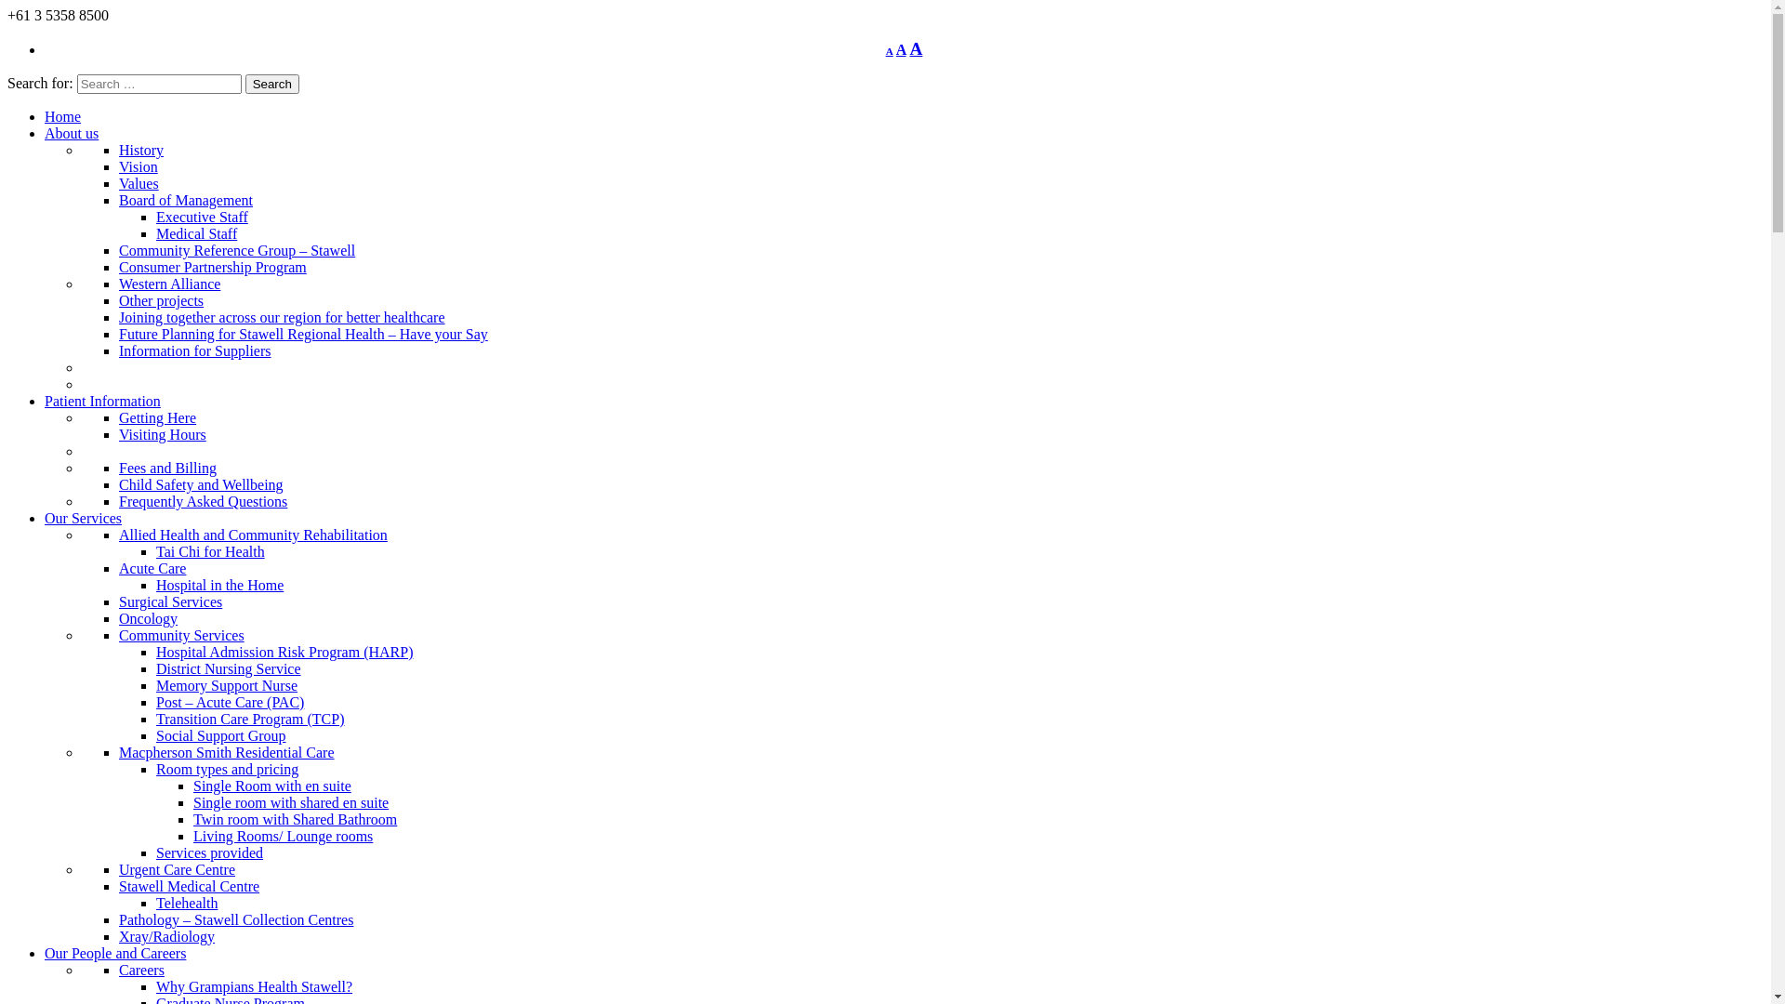 The height and width of the screenshot is (1004, 1785). I want to click on 'Acute Care', so click(118, 567).